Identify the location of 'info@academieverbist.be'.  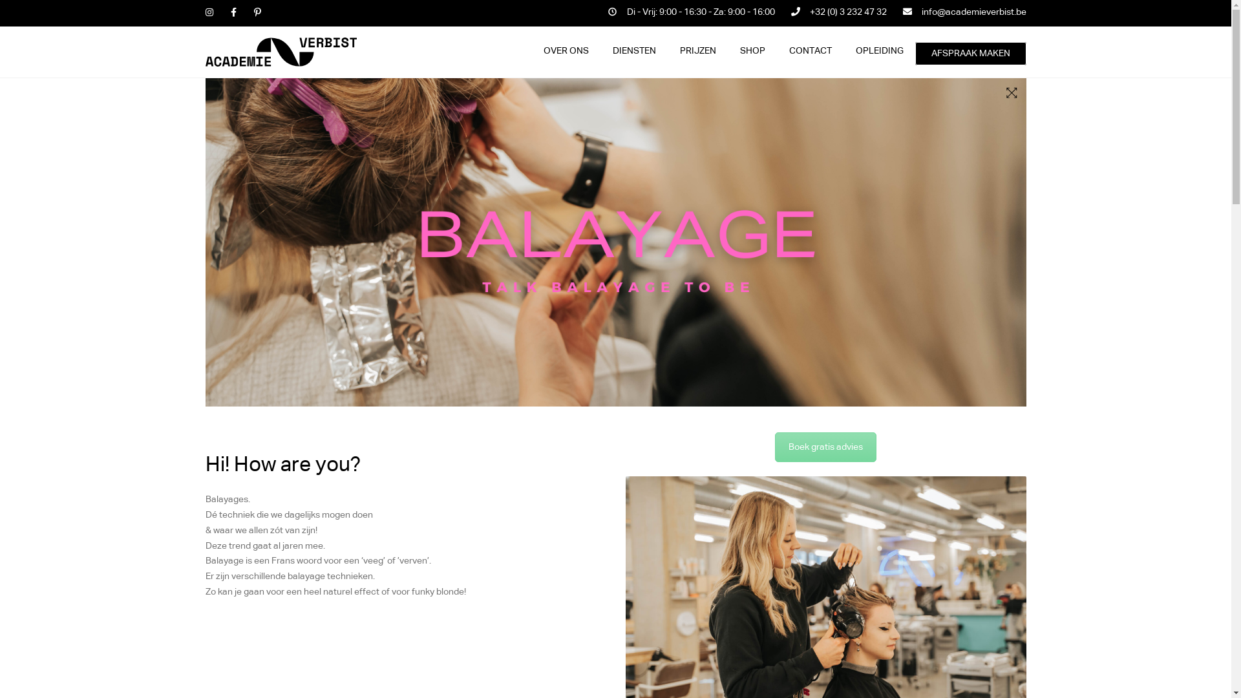
(817, 478).